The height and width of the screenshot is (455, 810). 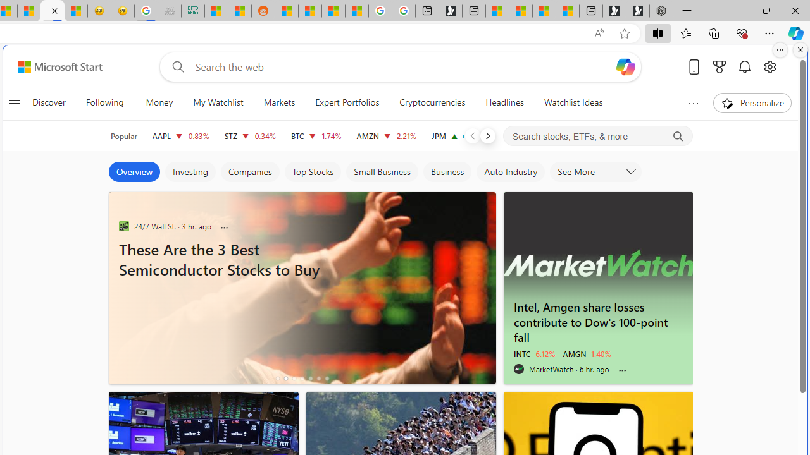 I want to click on 'Skip to footer', so click(x=52, y=66).